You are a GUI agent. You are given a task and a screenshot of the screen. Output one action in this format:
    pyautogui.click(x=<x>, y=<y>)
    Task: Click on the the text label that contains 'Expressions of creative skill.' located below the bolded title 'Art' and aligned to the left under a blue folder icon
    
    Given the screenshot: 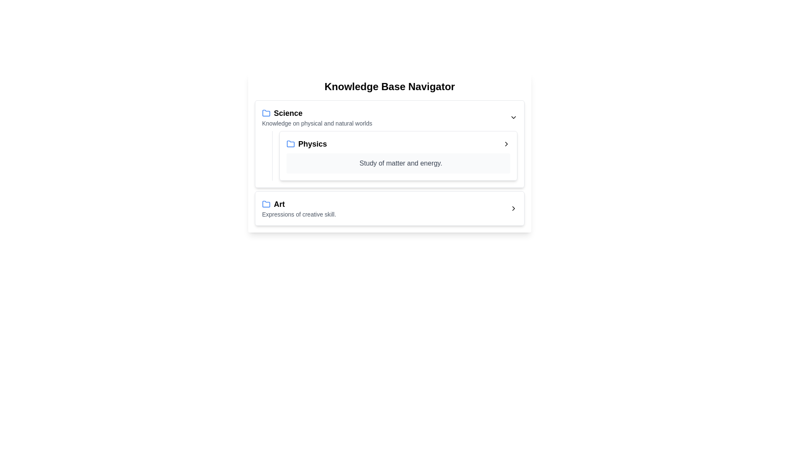 What is the action you would take?
    pyautogui.click(x=299, y=214)
    